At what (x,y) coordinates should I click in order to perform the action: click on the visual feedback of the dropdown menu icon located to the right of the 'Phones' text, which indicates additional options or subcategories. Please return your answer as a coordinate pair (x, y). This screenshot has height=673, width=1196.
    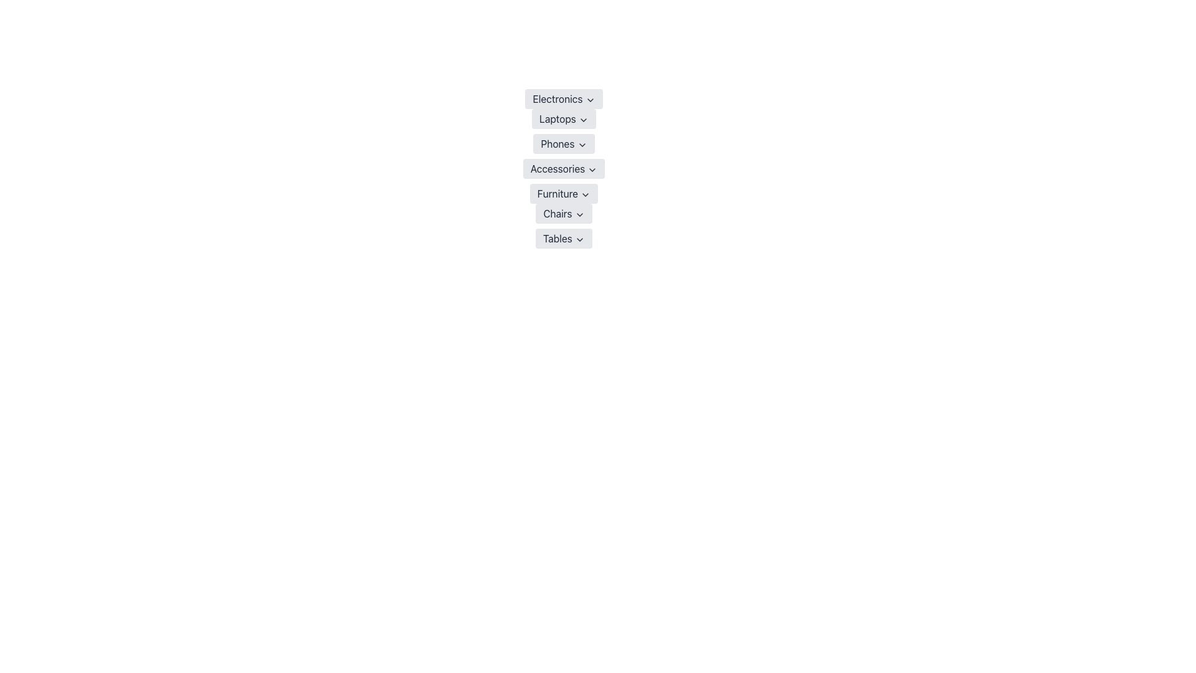
    Looking at the image, I should click on (581, 144).